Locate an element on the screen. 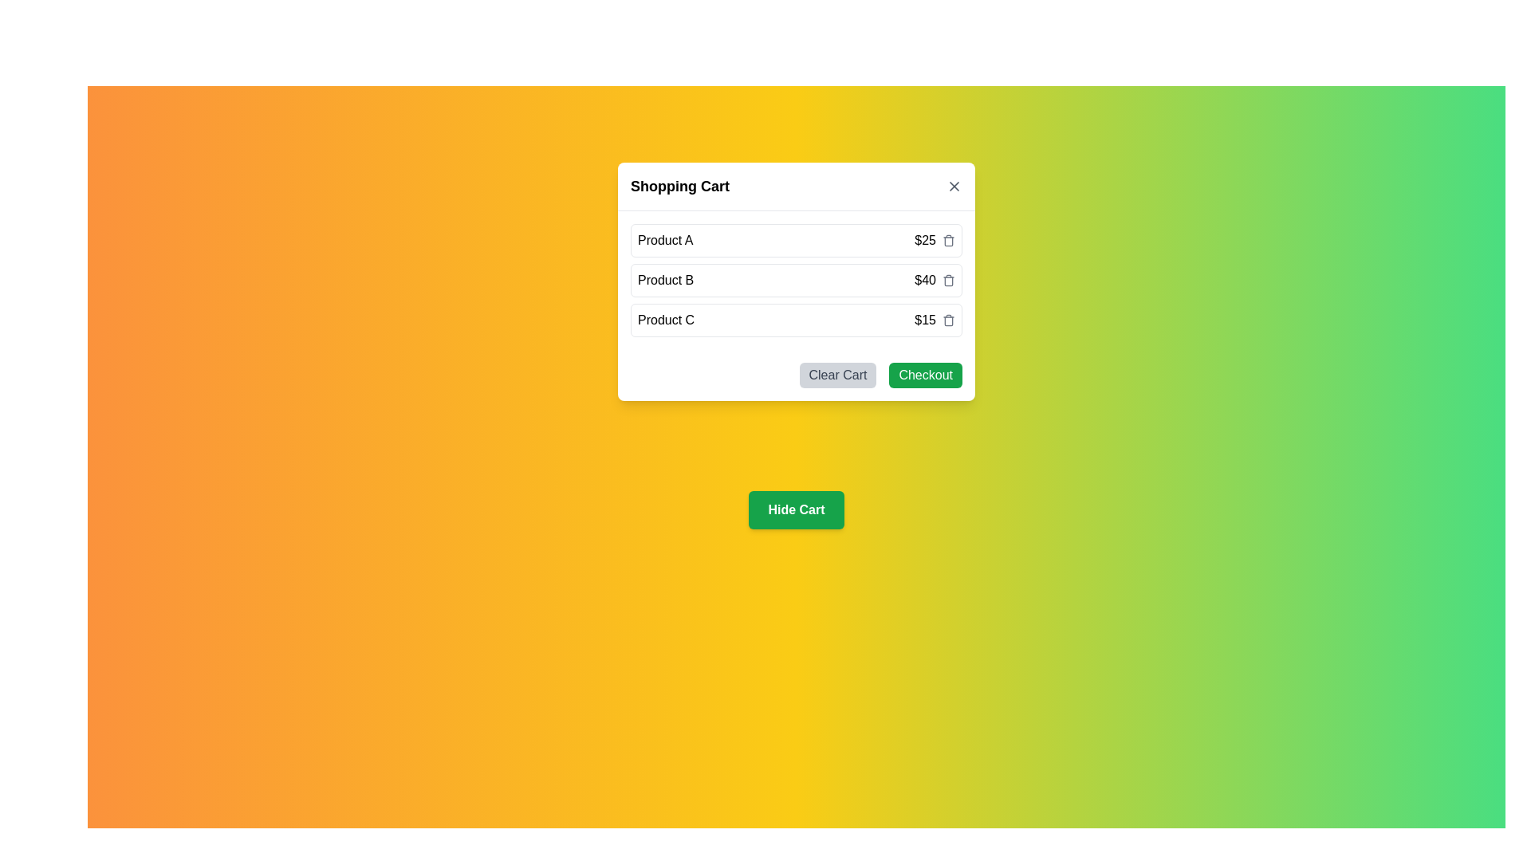 This screenshot has height=861, width=1531. properties of the Action Bar located at the bottom of the shopping cart modal, which contains the 'Clear Cart' and 'Checkout' buttons is located at coordinates (796, 375).